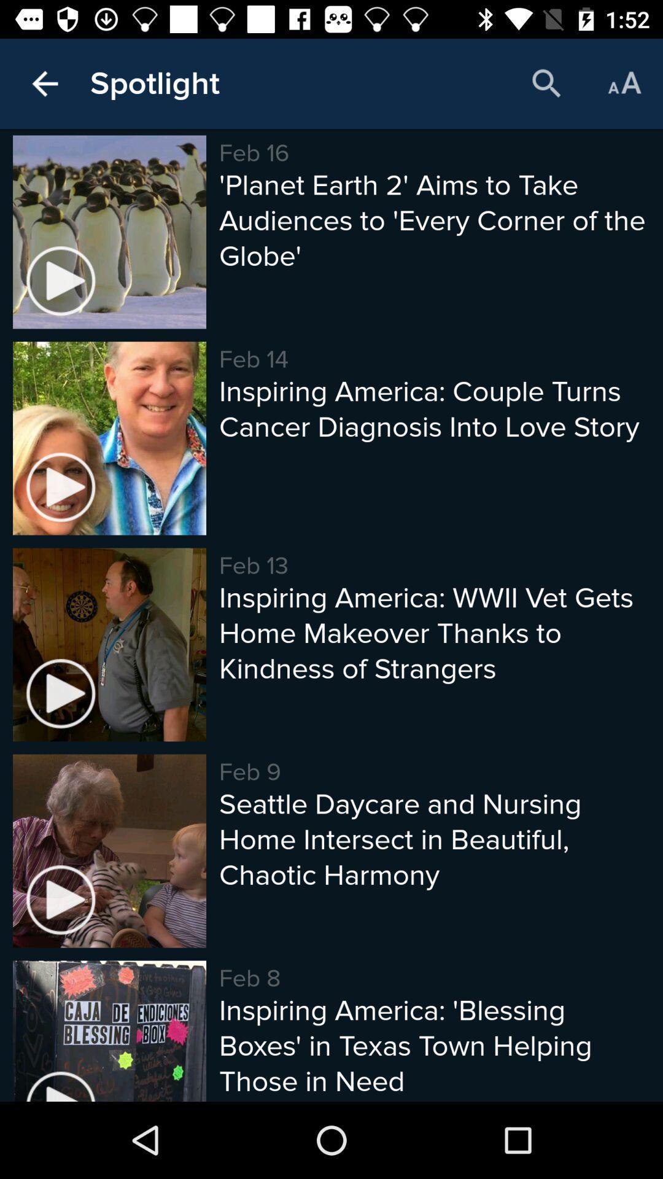 Image resolution: width=663 pixels, height=1179 pixels. Describe the element at coordinates (154, 83) in the screenshot. I see `icon to the left of feb 16 icon` at that location.